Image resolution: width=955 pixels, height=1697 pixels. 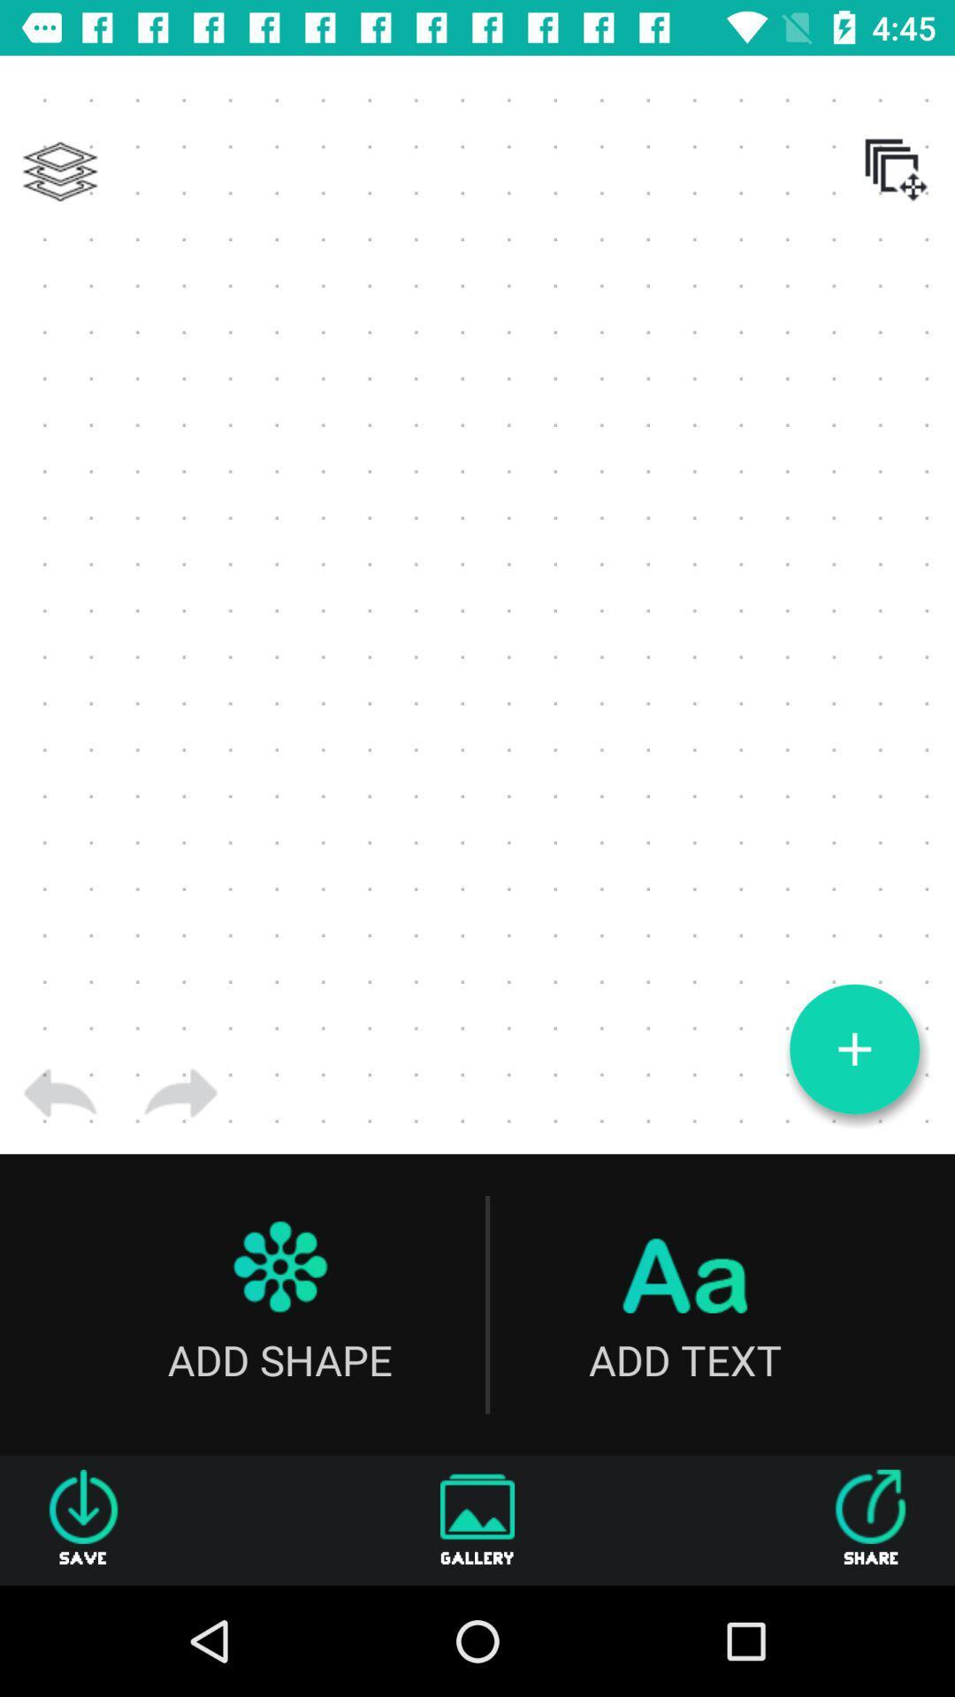 I want to click on gallery icon, so click(x=477, y=1519).